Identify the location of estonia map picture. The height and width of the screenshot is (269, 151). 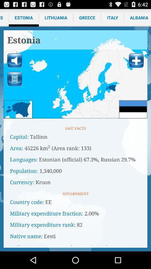
(75, 74).